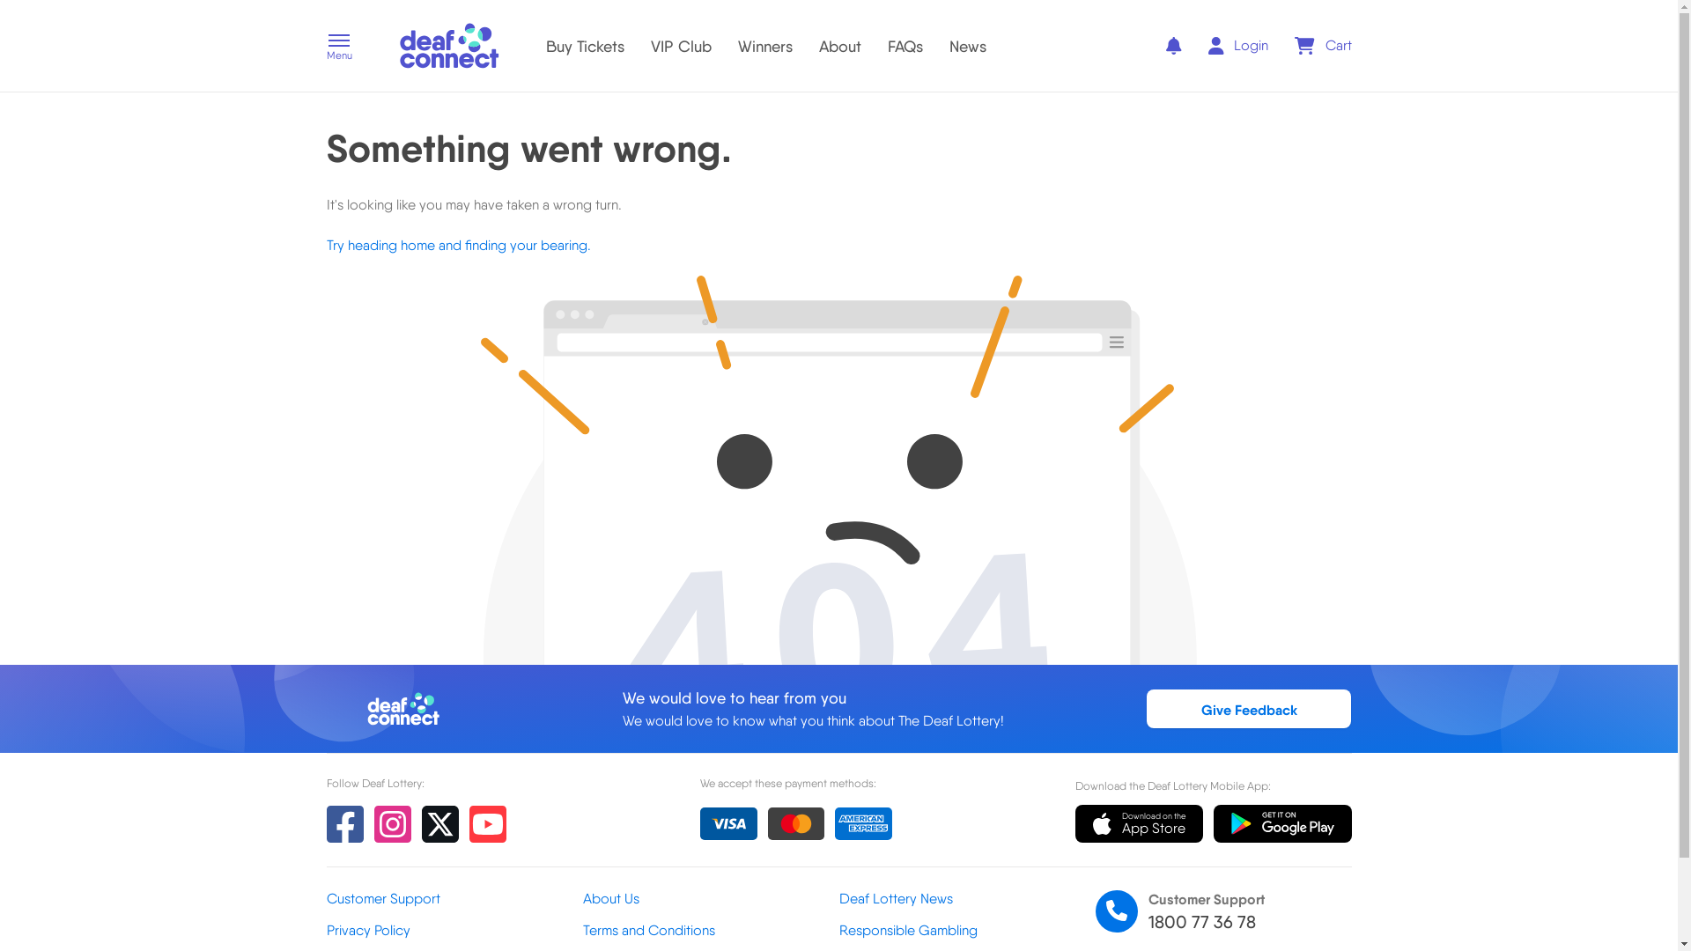 The width and height of the screenshot is (1691, 951). Describe the element at coordinates (1139, 824) in the screenshot. I see `'Download on the` at that location.